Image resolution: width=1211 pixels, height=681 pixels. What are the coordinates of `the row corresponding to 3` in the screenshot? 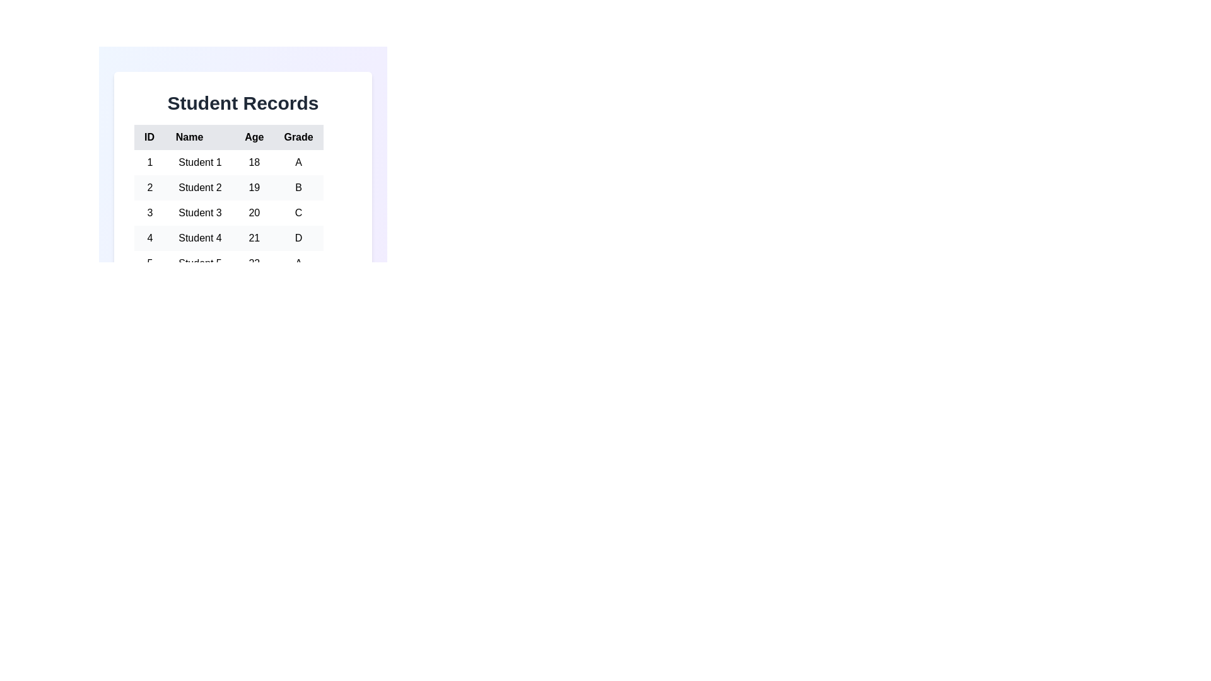 It's located at (228, 212).